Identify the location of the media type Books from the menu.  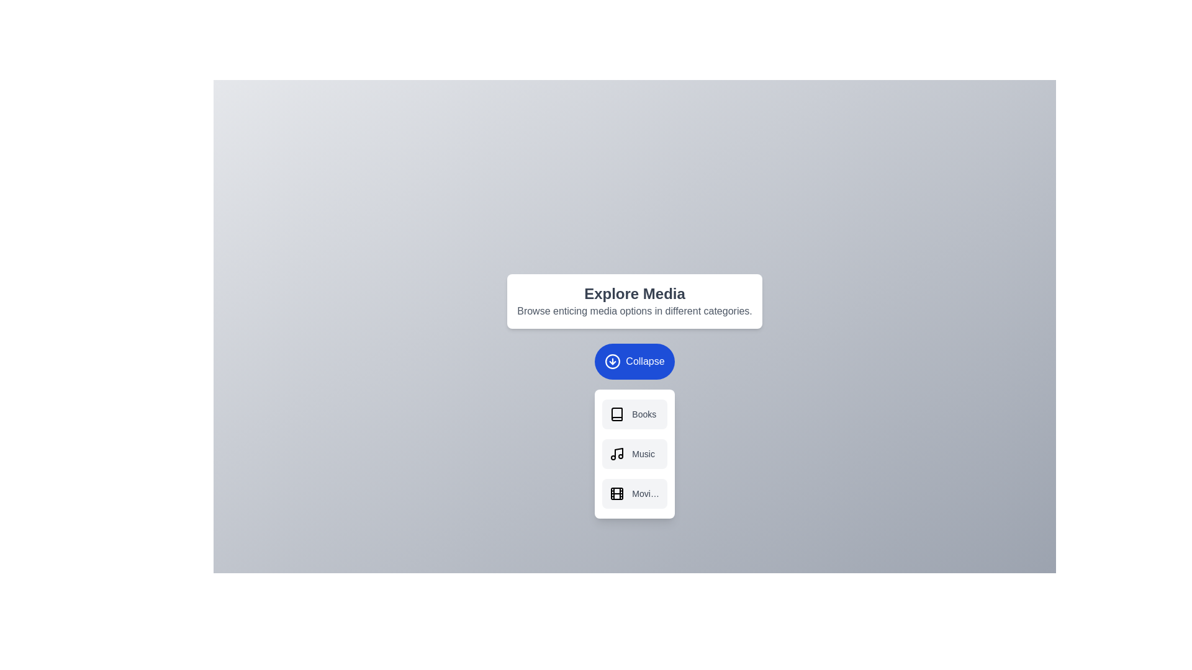
(634, 414).